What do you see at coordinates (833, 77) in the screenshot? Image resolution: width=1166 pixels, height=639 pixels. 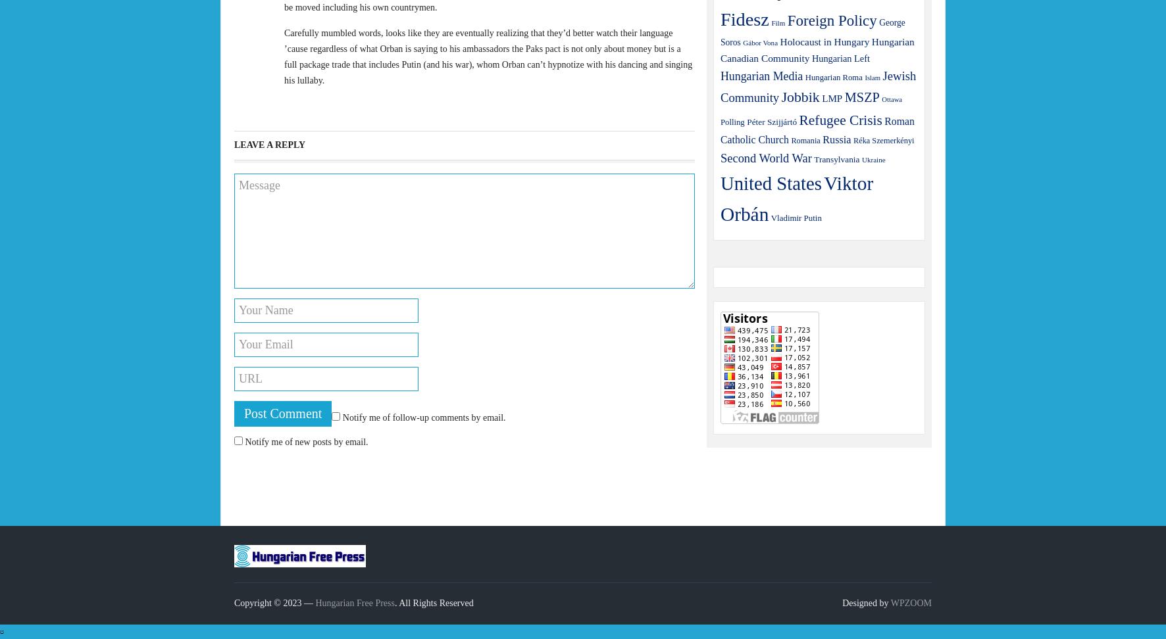 I see `'Hungarian Roma'` at bounding box center [833, 77].